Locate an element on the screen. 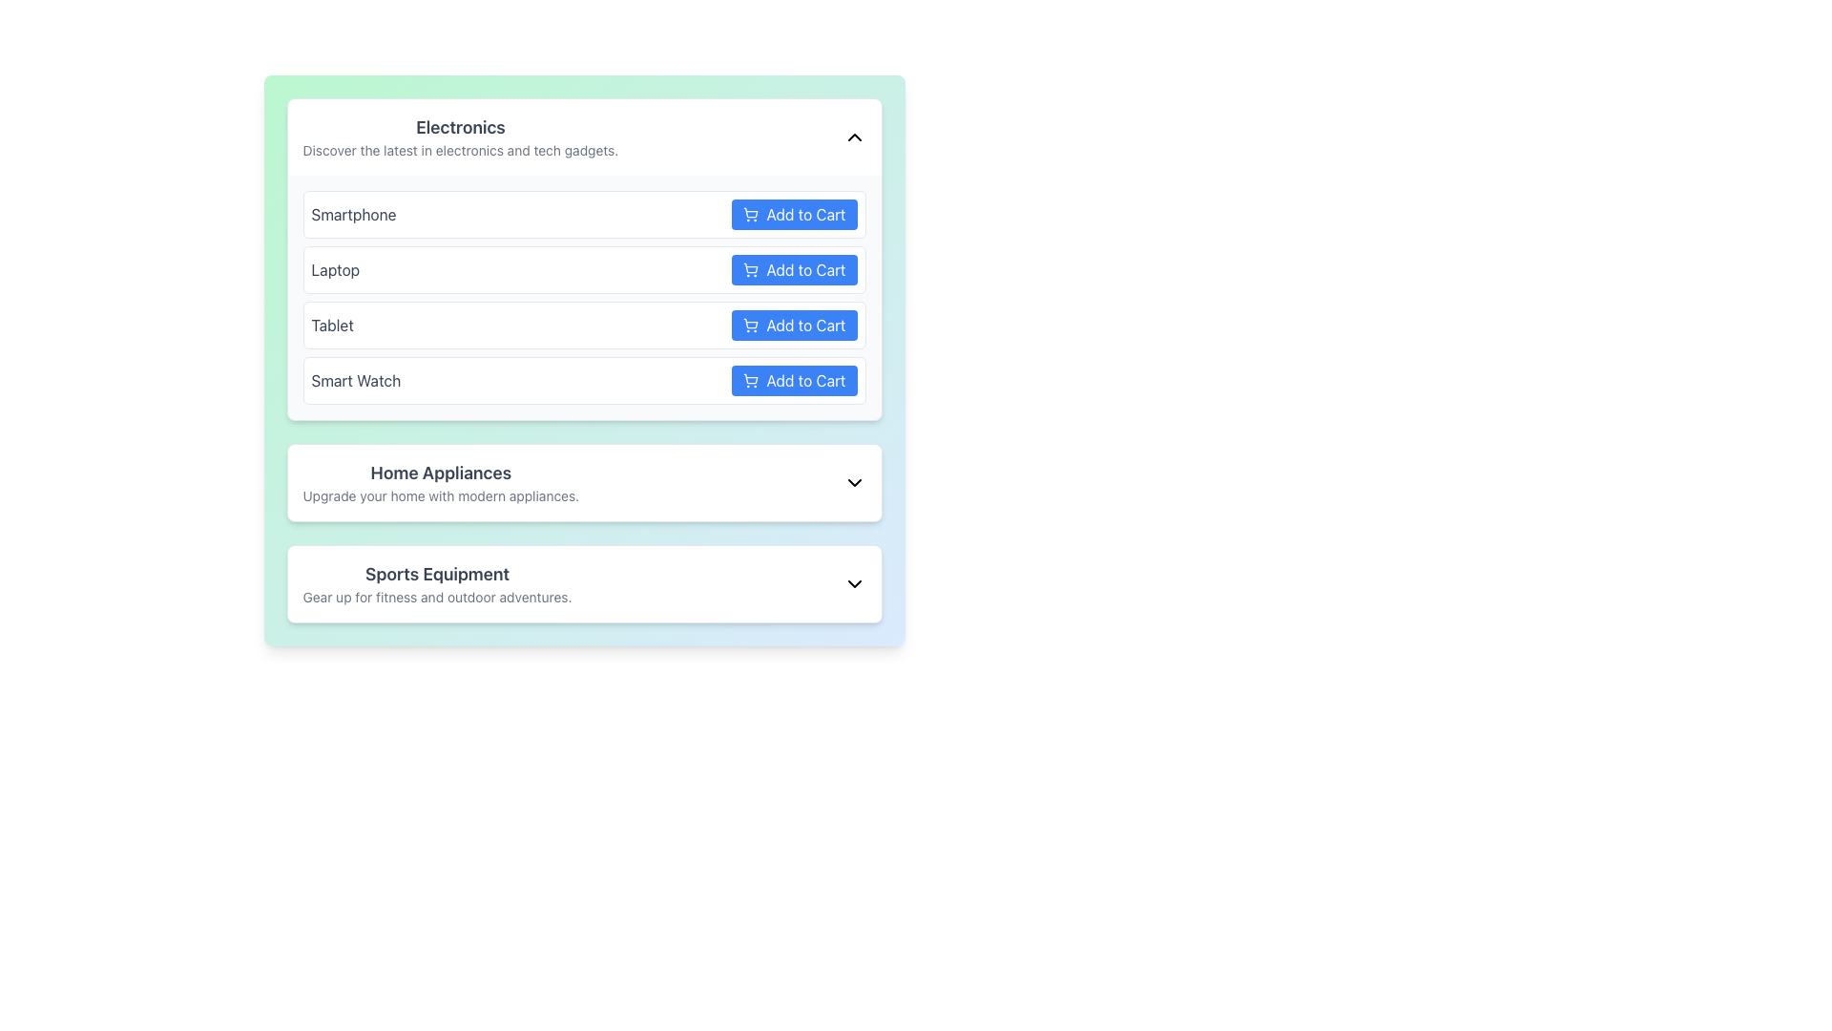  contents of the Label that serves as the category header for the 'Home Appliances' section, positioned in the middle section of the layout between 'Electronics' and 'Sports Equipment' is located at coordinates (440, 481).